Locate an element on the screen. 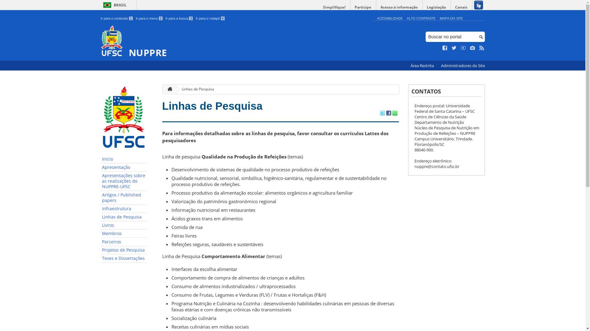 This screenshot has width=590, height=331. 'Membros' is located at coordinates (124, 234).